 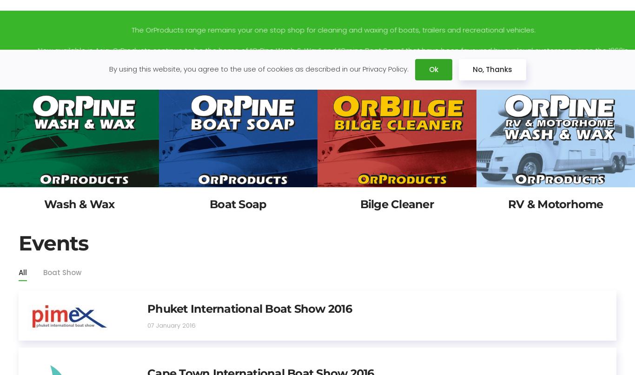 I want to click on 'OrProducts - trusted by US Boating and Recreation, for over 50 years.', so click(x=317, y=69).